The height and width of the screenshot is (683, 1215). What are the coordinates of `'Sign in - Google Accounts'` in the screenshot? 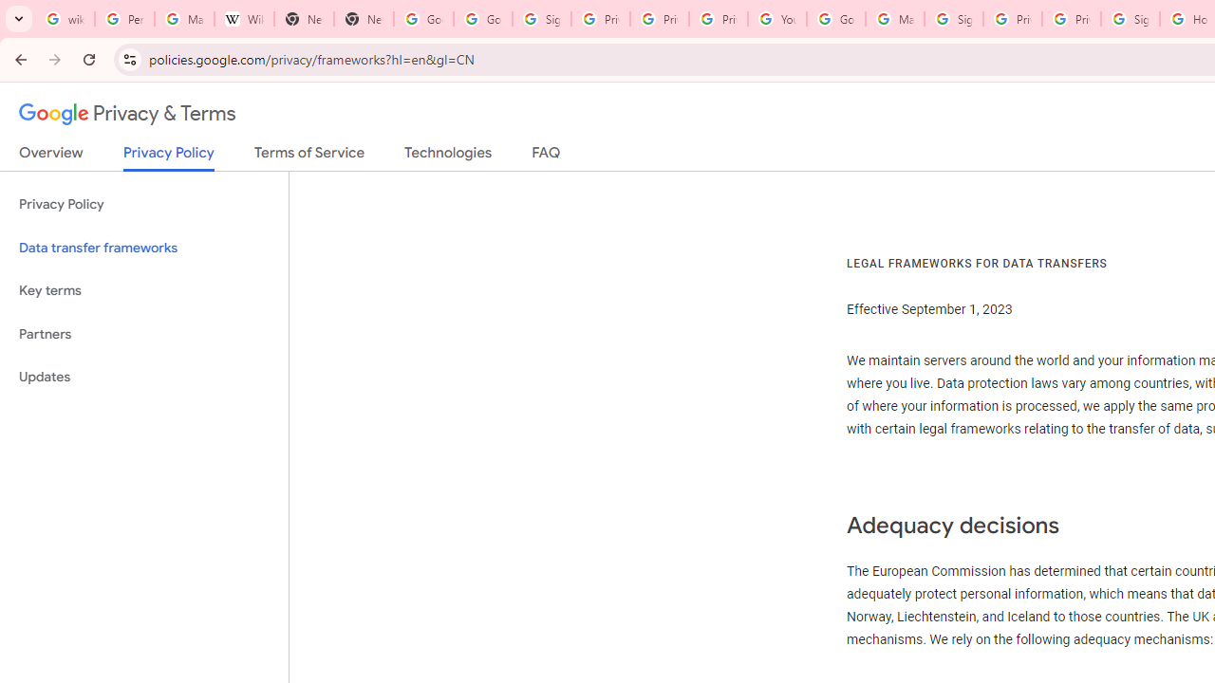 It's located at (540, 19).